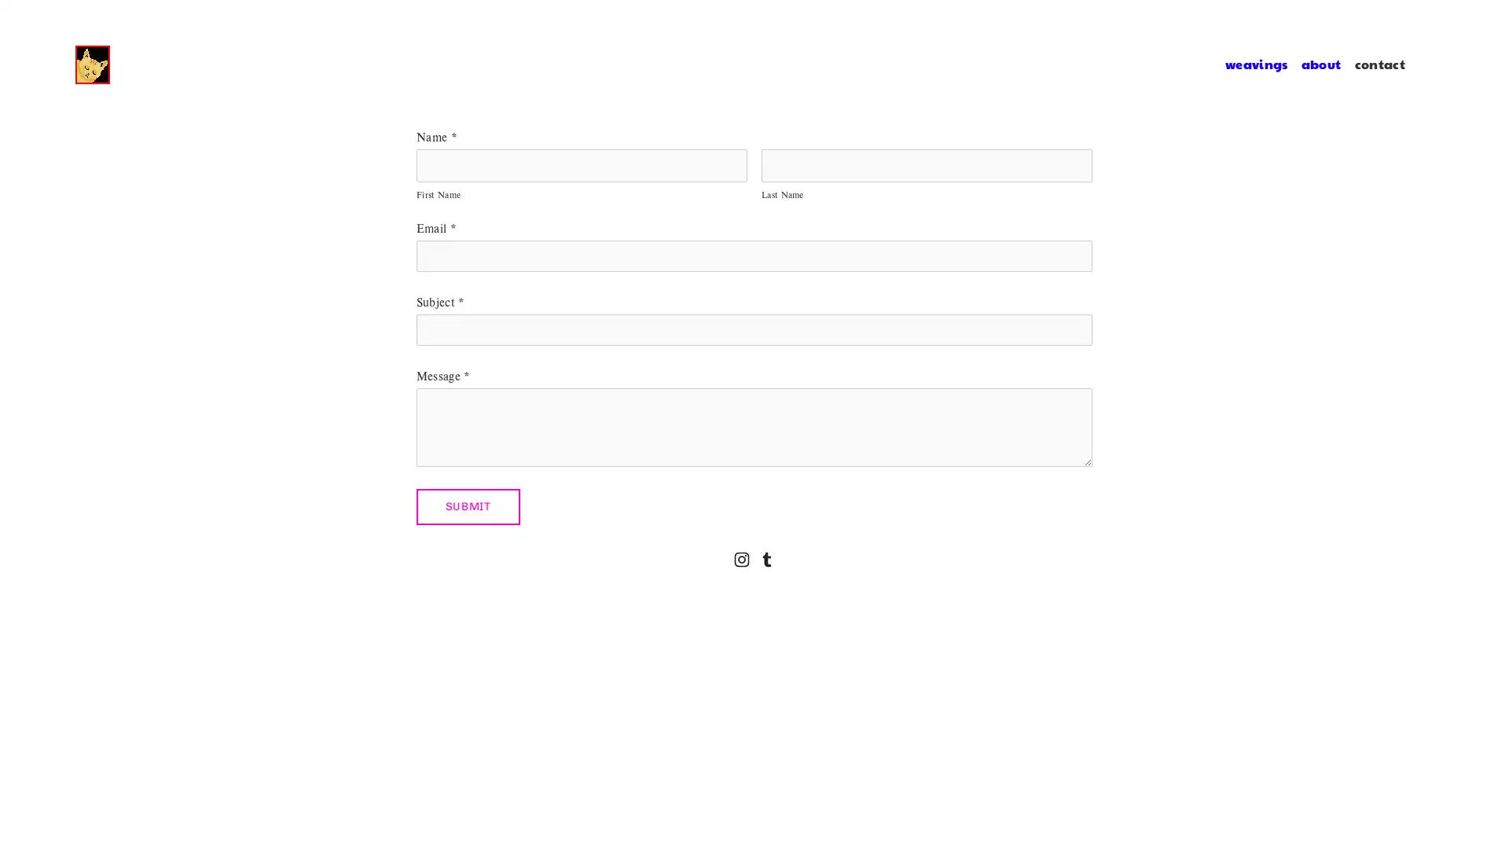 The image size is (1509, 849). I want to click on Submit, so click(467, 506).